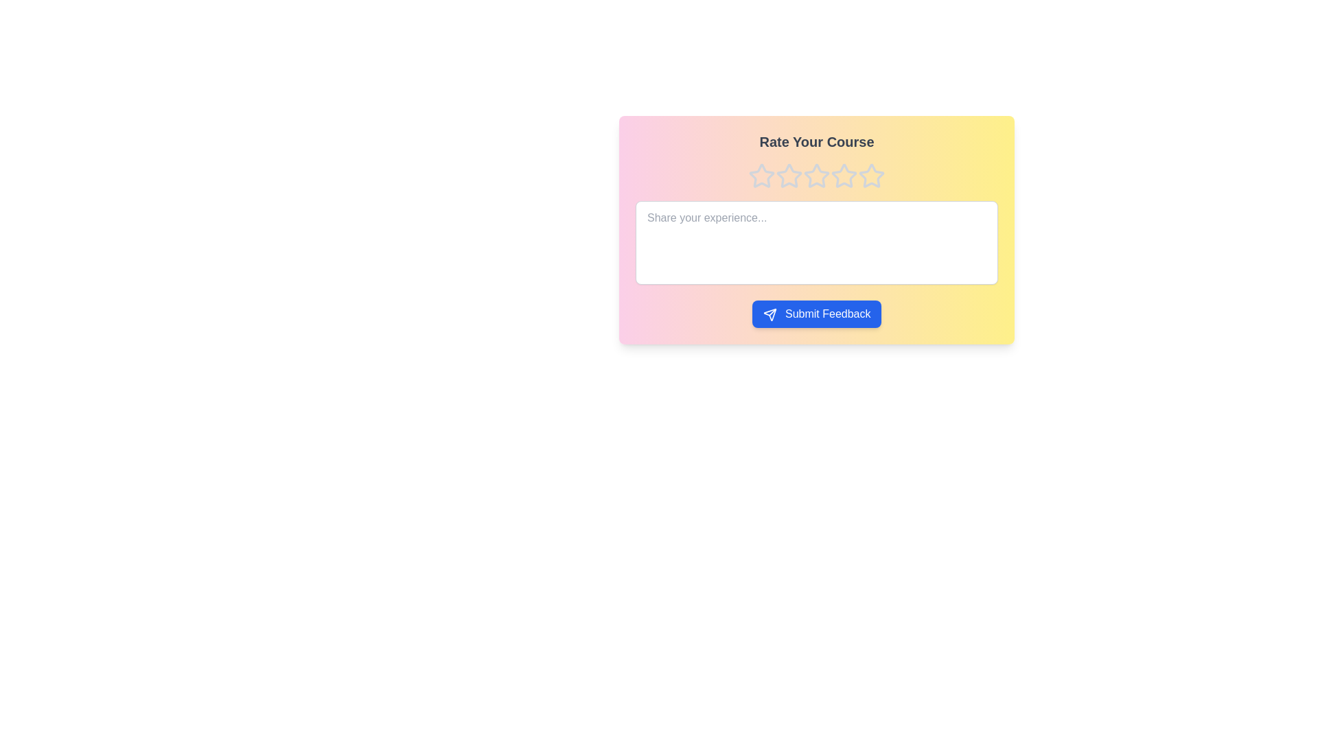 This screenshot has width=1318, height=741. I want to click on the third star icon used for ratings, which allows users to rate a course, so click(842, 174).